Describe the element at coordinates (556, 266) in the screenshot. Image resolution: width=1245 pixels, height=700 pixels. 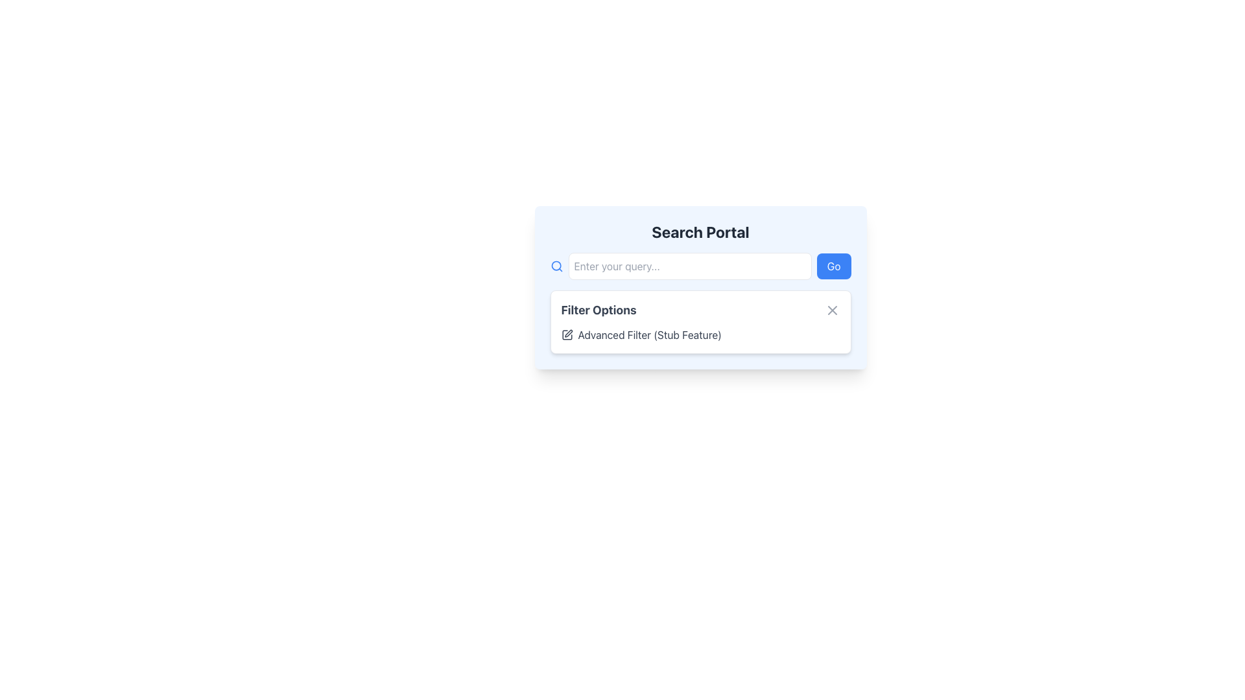
I see `the search icon located to the immediate left of the input field in the 'Search Portal' interface to initiate a search` at that location.